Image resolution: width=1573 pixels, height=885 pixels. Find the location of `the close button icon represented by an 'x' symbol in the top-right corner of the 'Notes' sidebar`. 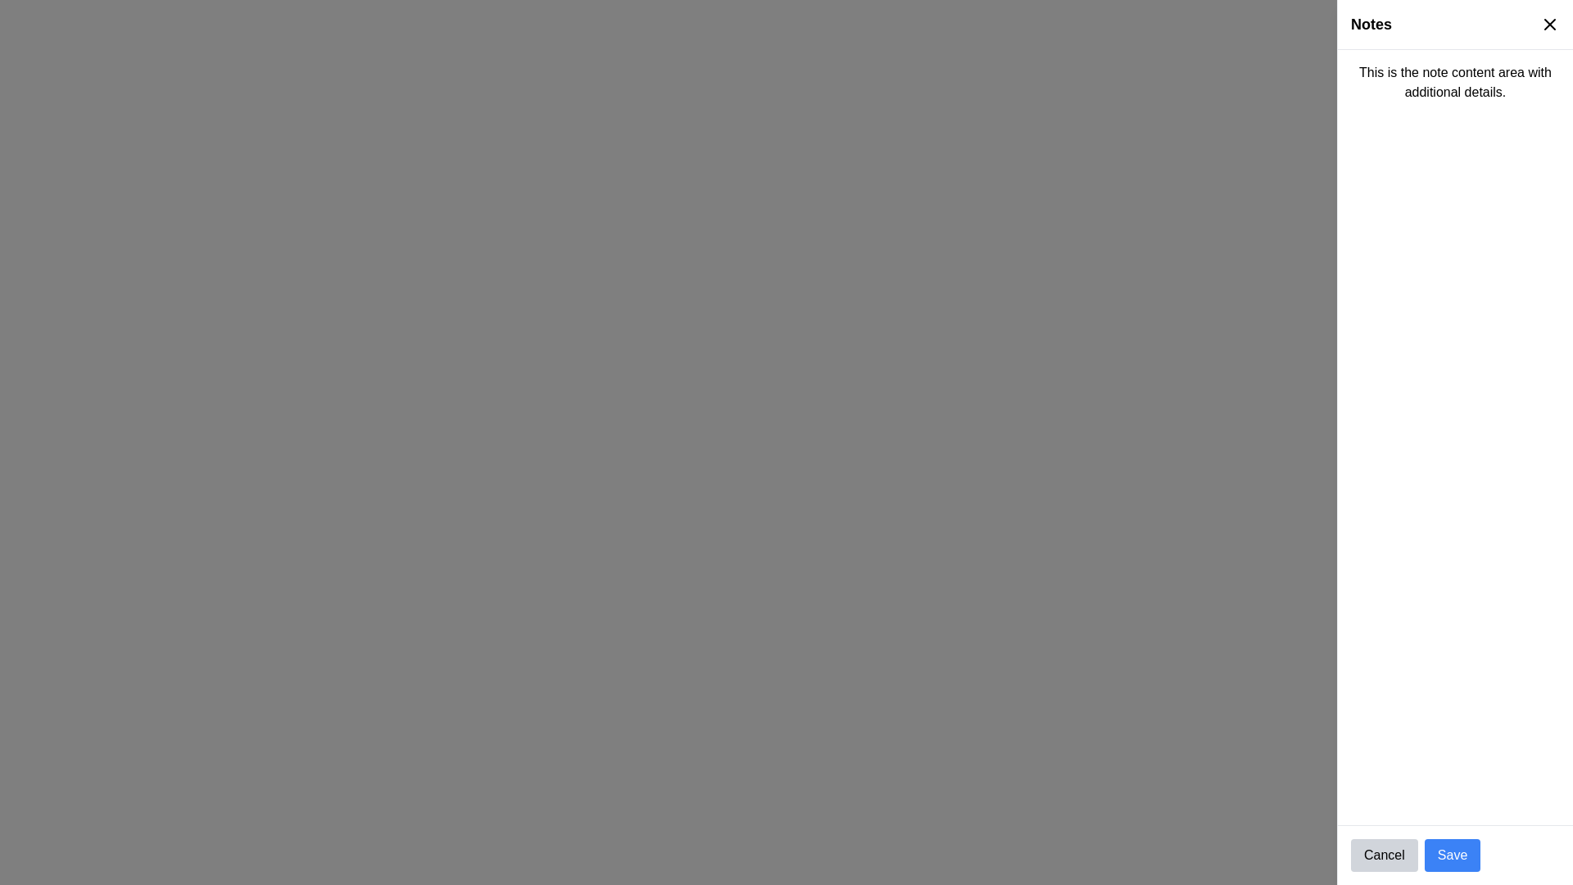

the close button icon represented by an 'x' symbol in the top-right corner of the 'Notes' sidebar is located at coordinates (1548, 25).